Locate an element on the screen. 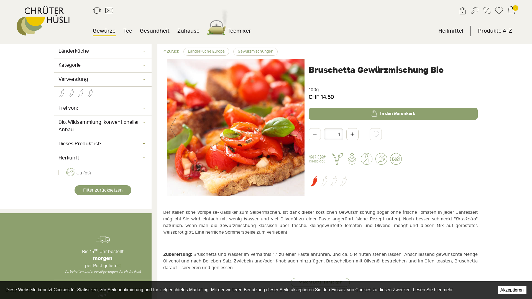  'Weiter' is located at coordinates (298, 128).